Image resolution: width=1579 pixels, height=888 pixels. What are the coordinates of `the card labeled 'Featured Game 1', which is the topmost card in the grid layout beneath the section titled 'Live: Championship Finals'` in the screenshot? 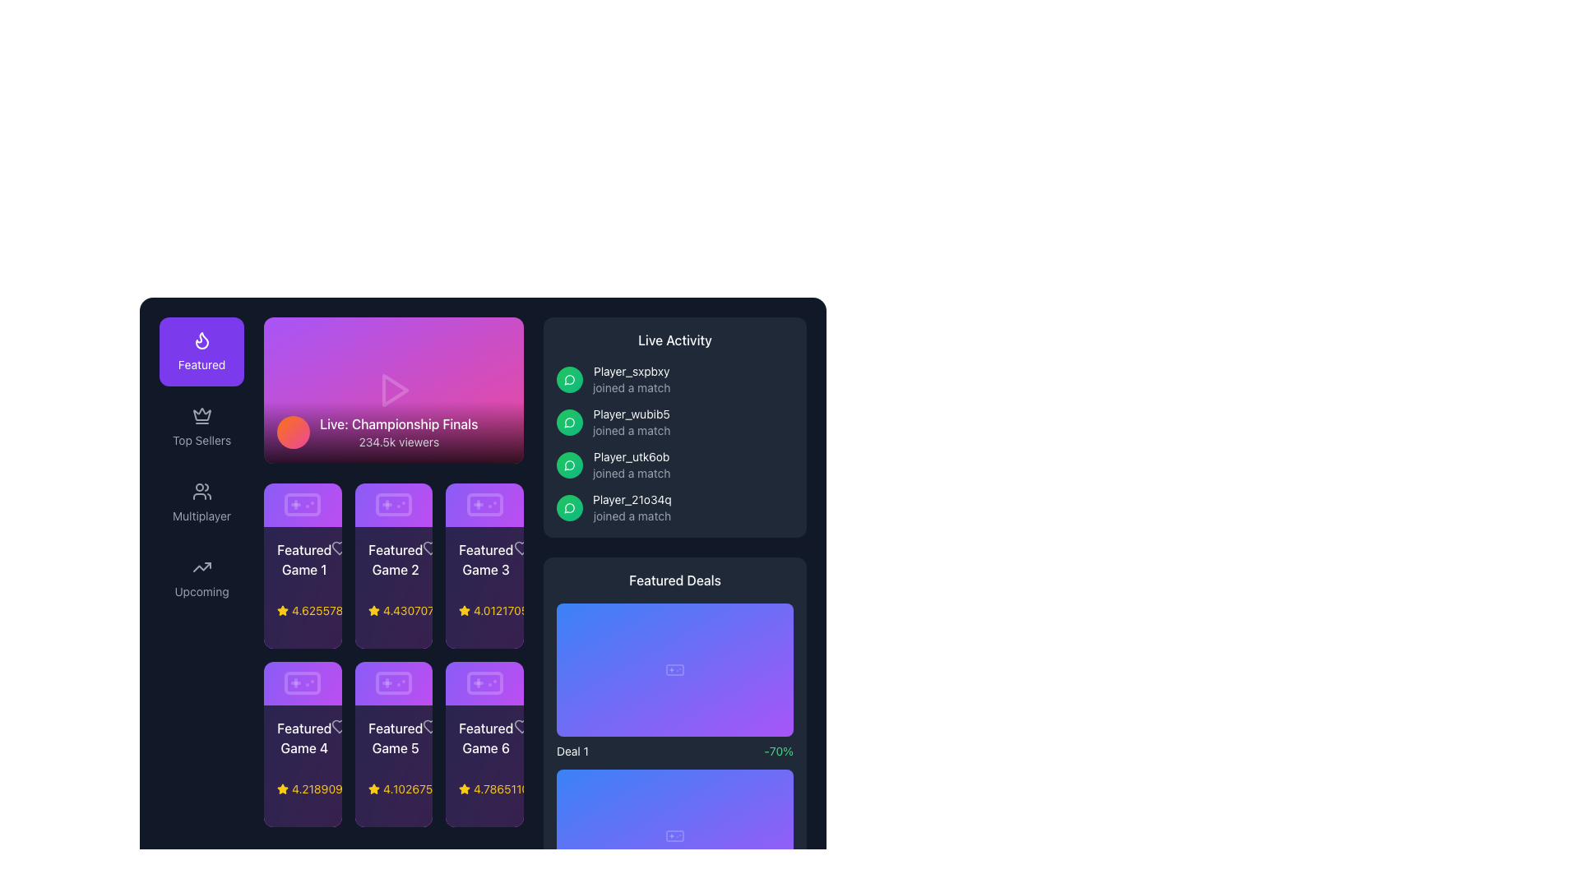 It's located at (303, 504).